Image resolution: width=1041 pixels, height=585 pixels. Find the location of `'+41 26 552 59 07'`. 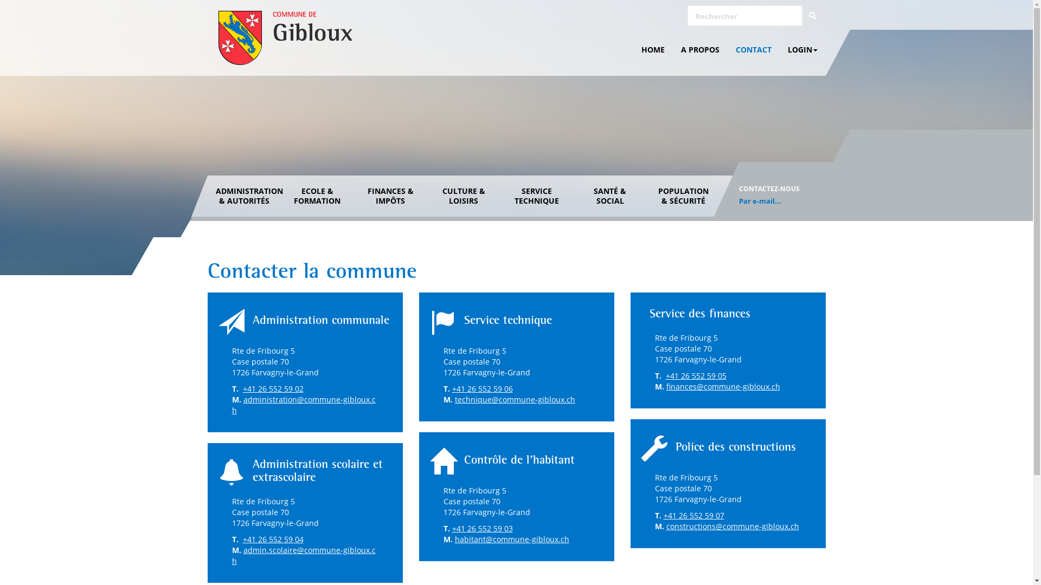

'+41 26 552 59 07' is located at coordinates (694, 515).